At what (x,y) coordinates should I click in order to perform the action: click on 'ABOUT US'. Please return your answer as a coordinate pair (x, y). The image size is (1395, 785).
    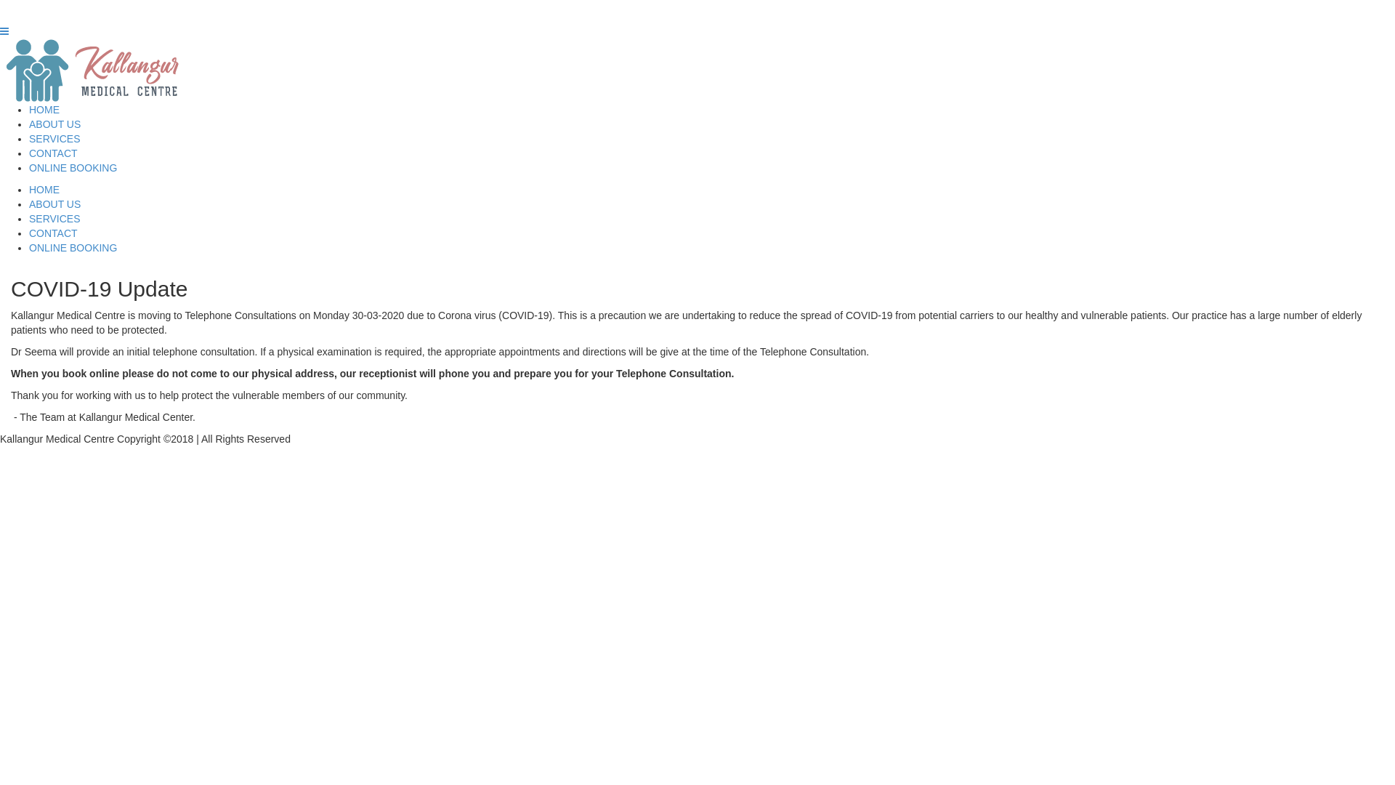
    Looking at the image, I should click on (54, 123).